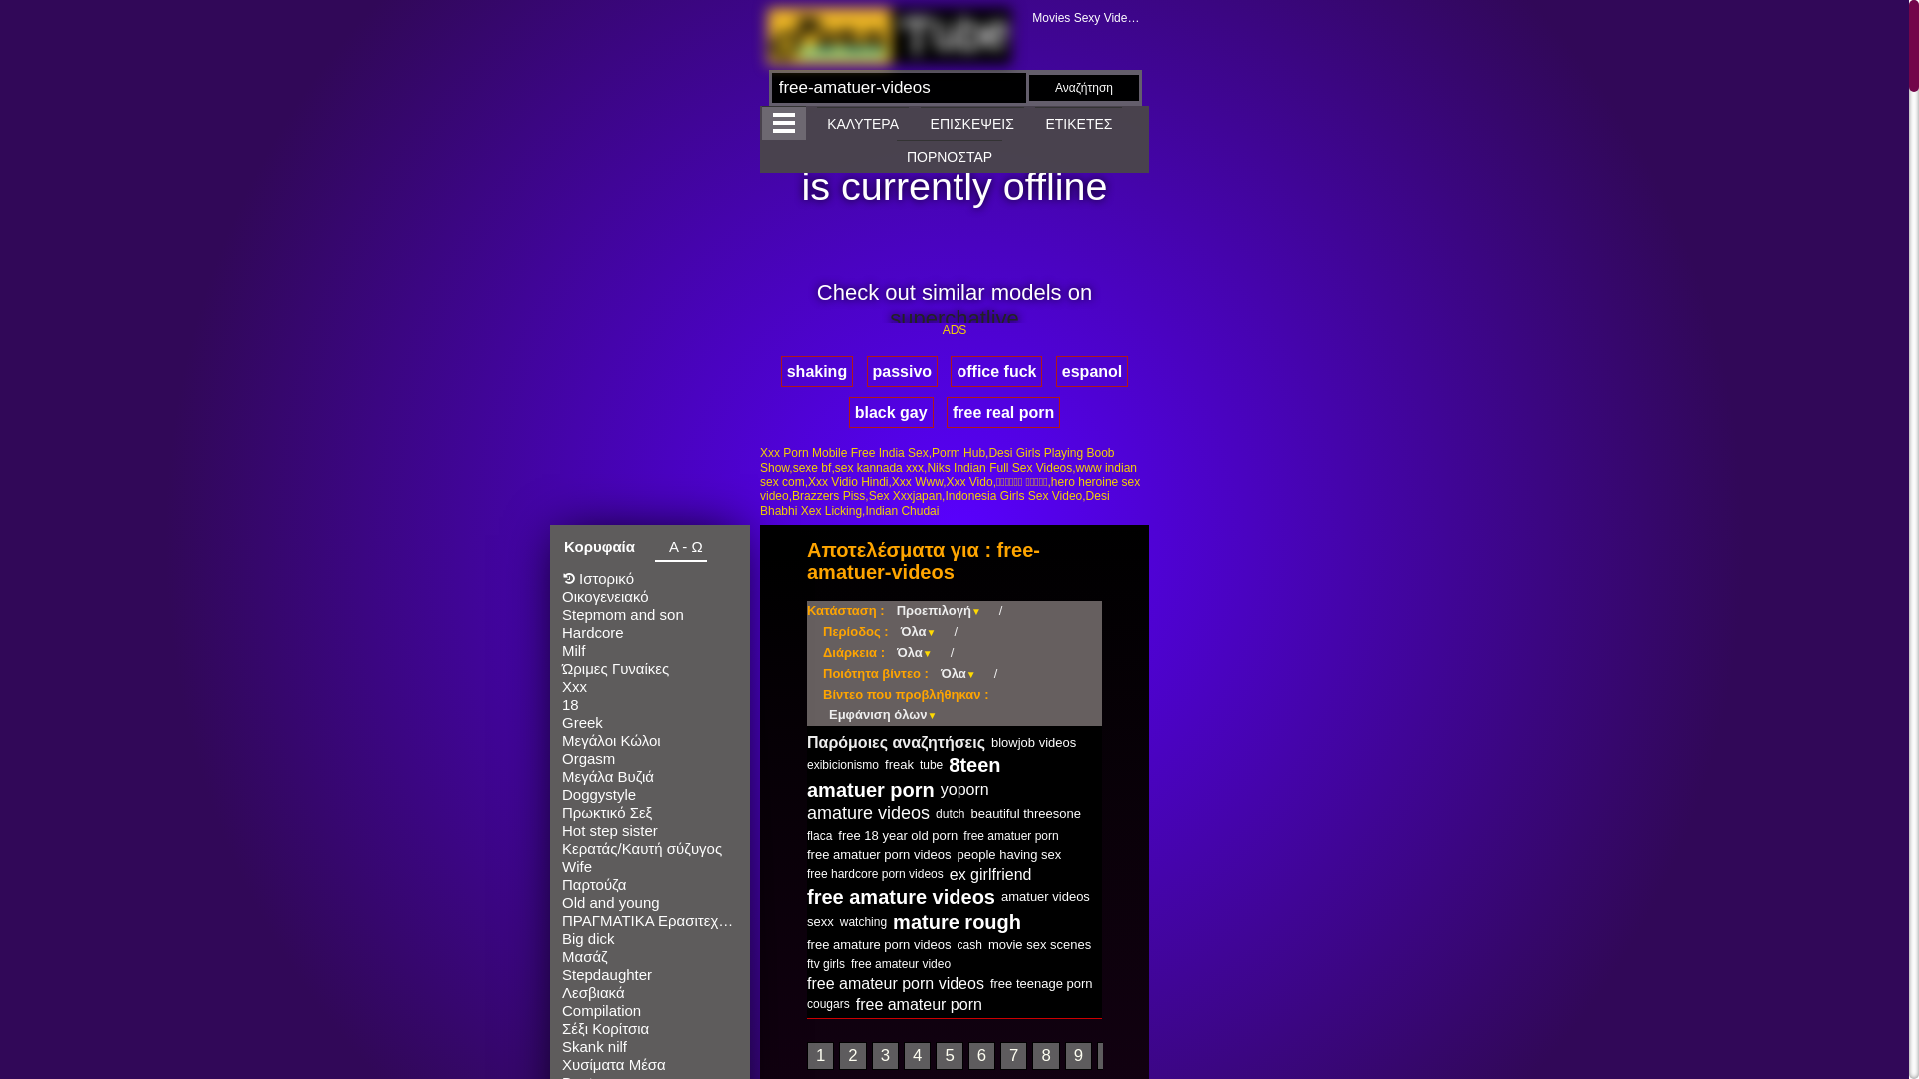 The image size is (1919, 1079). I want to click on 'dutch', so click(949, 813).